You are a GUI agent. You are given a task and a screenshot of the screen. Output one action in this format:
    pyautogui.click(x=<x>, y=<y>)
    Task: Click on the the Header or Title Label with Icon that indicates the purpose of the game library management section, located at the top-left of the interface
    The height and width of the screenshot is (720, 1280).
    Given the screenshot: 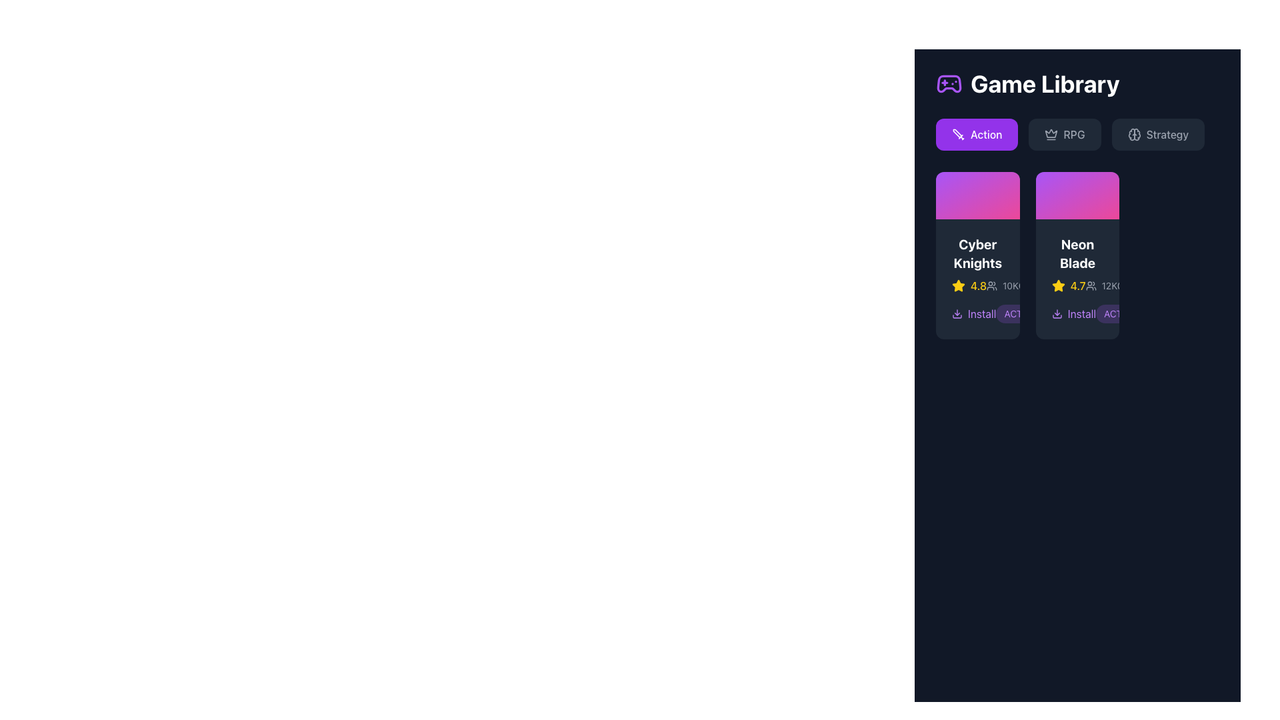 What is the action you would take?
    pyautogui.click(x=1027, y=84)
    